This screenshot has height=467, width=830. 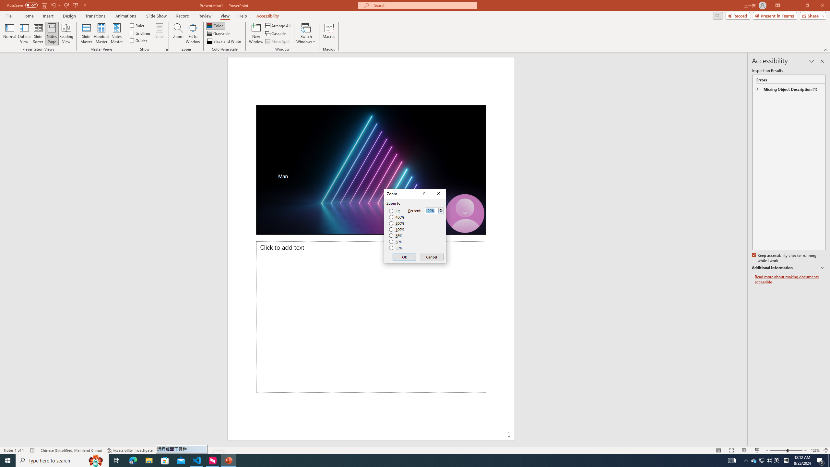 What do you see at coordinates (397, 229) in the screenshot?
I see `'100%'` at bounding box center [397, 229].